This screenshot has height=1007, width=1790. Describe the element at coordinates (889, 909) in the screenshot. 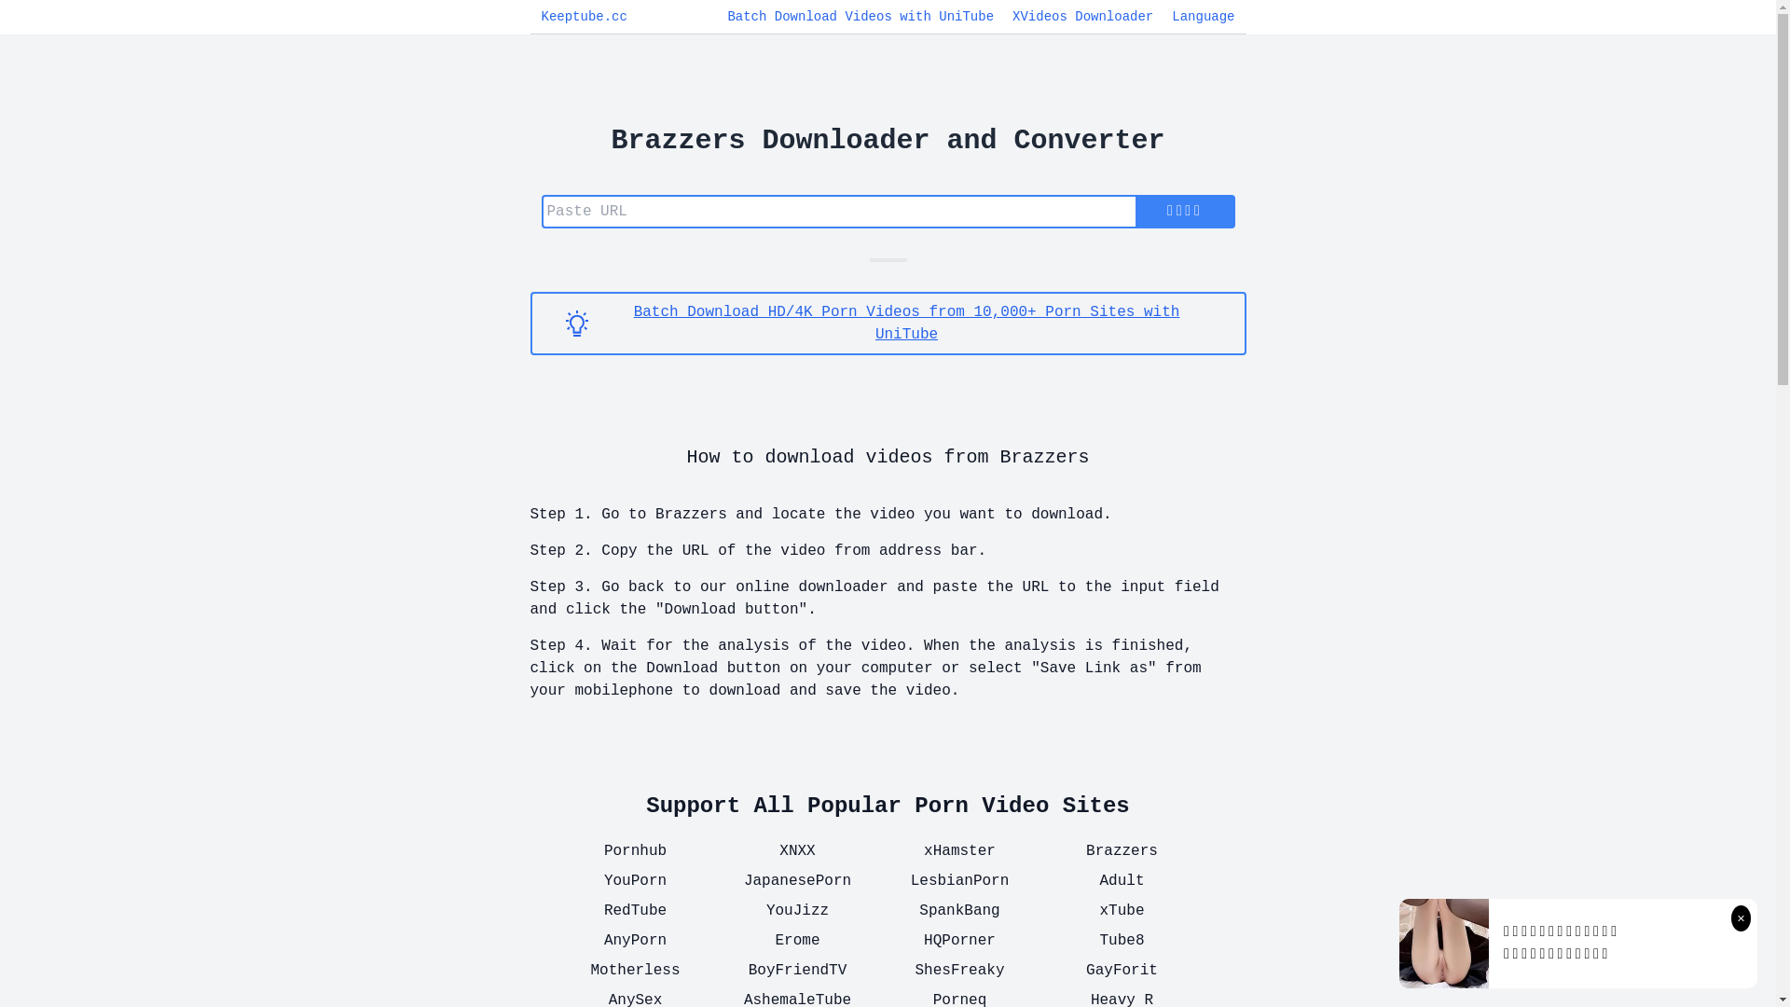

I see `'SpankBang'` at that location.